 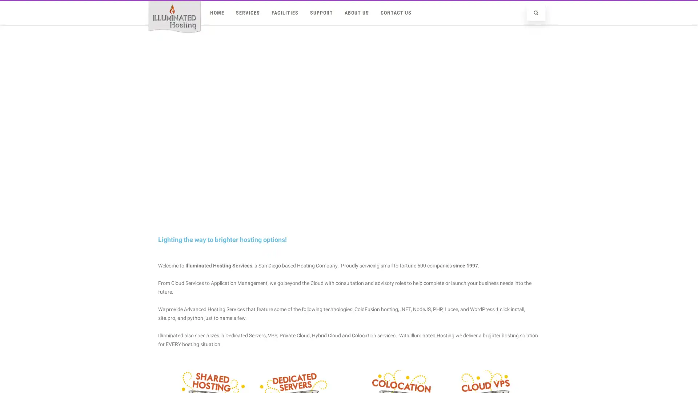 I want to click on slider3, so click(x=345, y=235).